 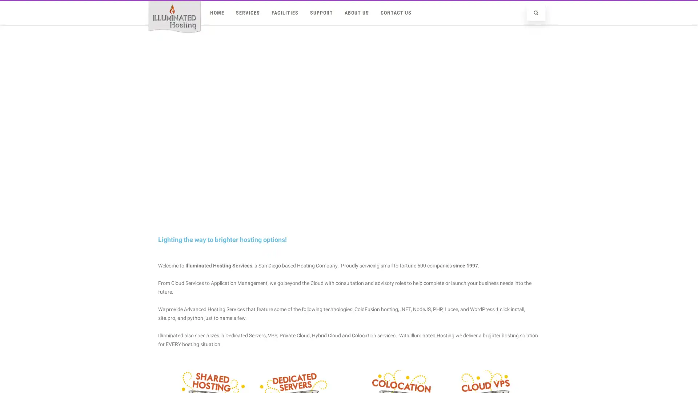 I want to click on slider3, so click(x=345, y=235).